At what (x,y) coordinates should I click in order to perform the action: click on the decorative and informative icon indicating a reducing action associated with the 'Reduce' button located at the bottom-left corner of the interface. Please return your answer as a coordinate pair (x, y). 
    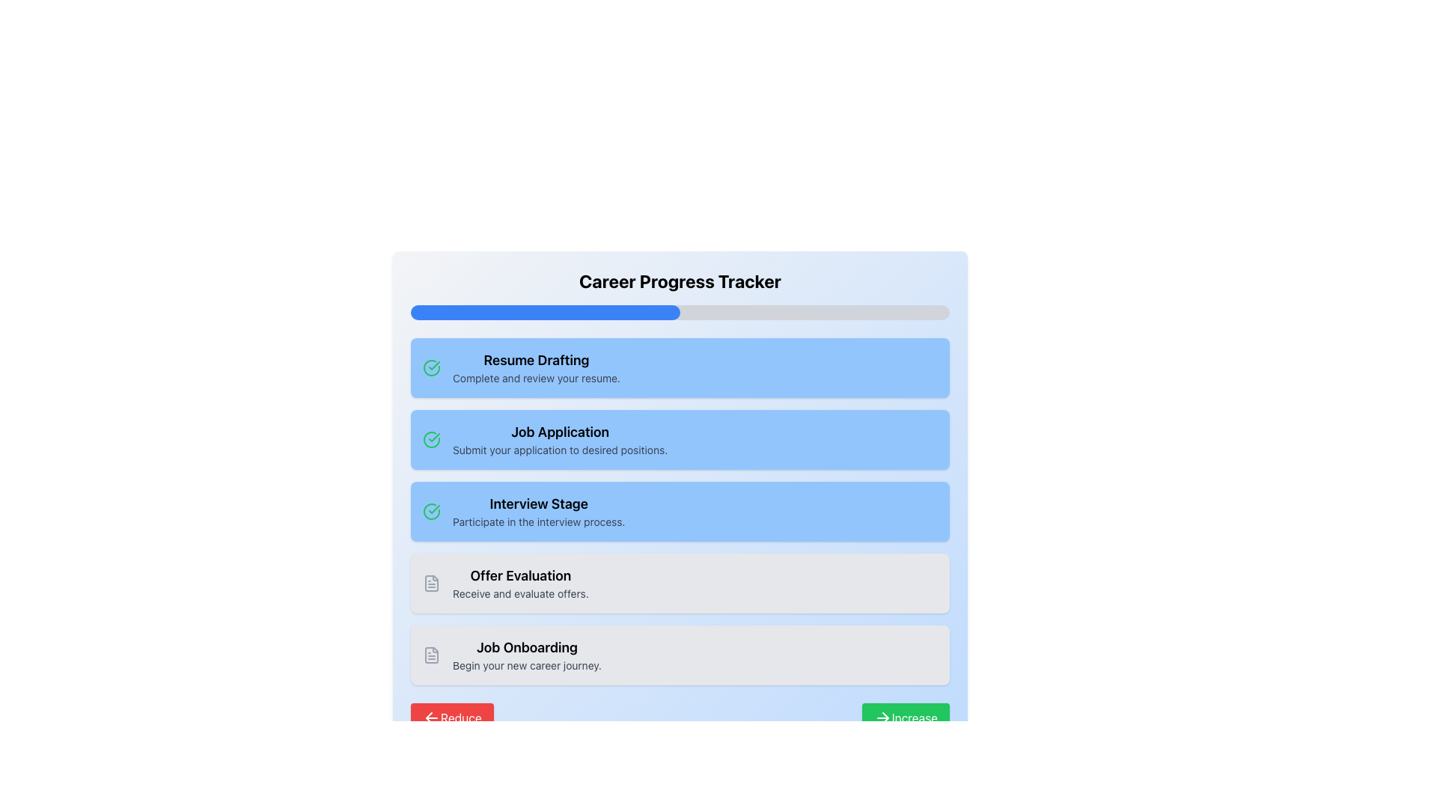
    Looking at the image, I should click on (430, 717).